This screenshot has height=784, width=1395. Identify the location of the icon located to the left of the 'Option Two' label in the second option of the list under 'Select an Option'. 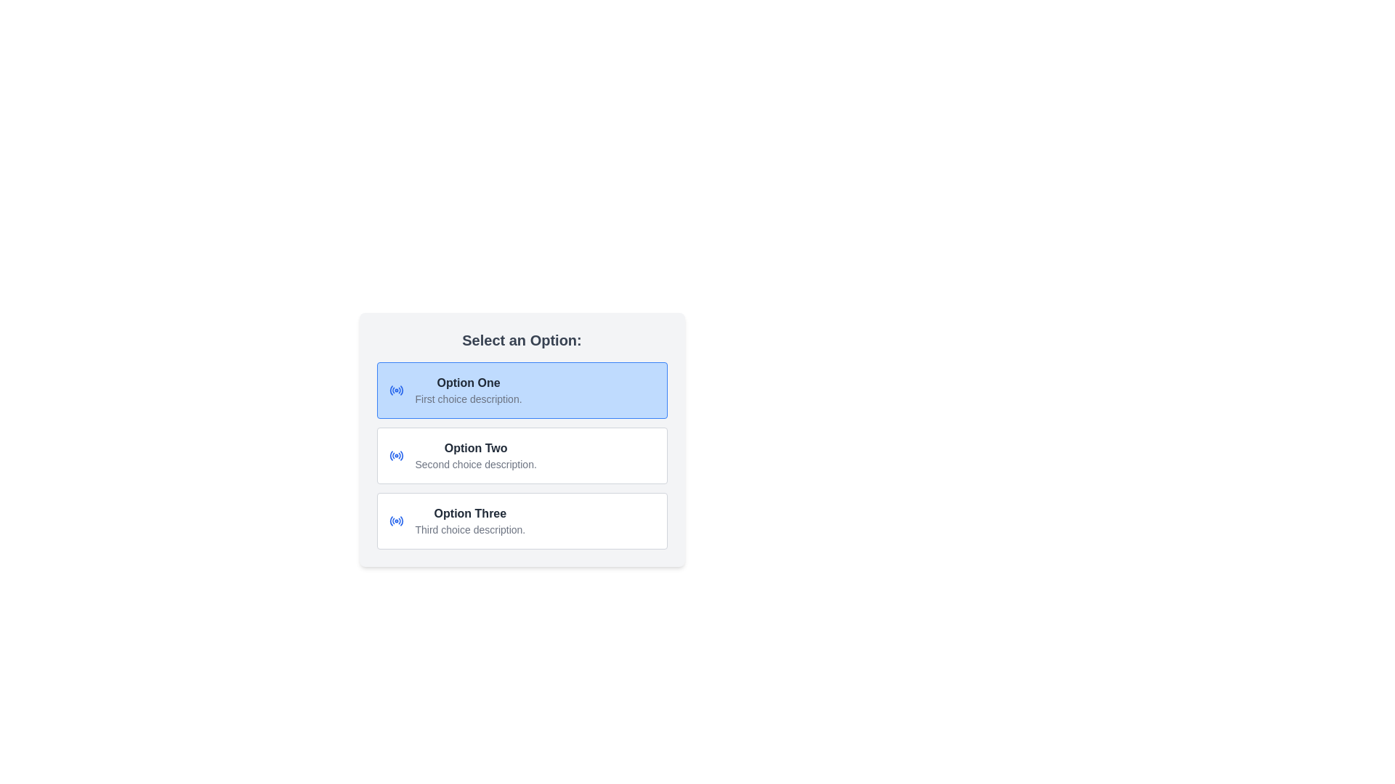
(396, 455).